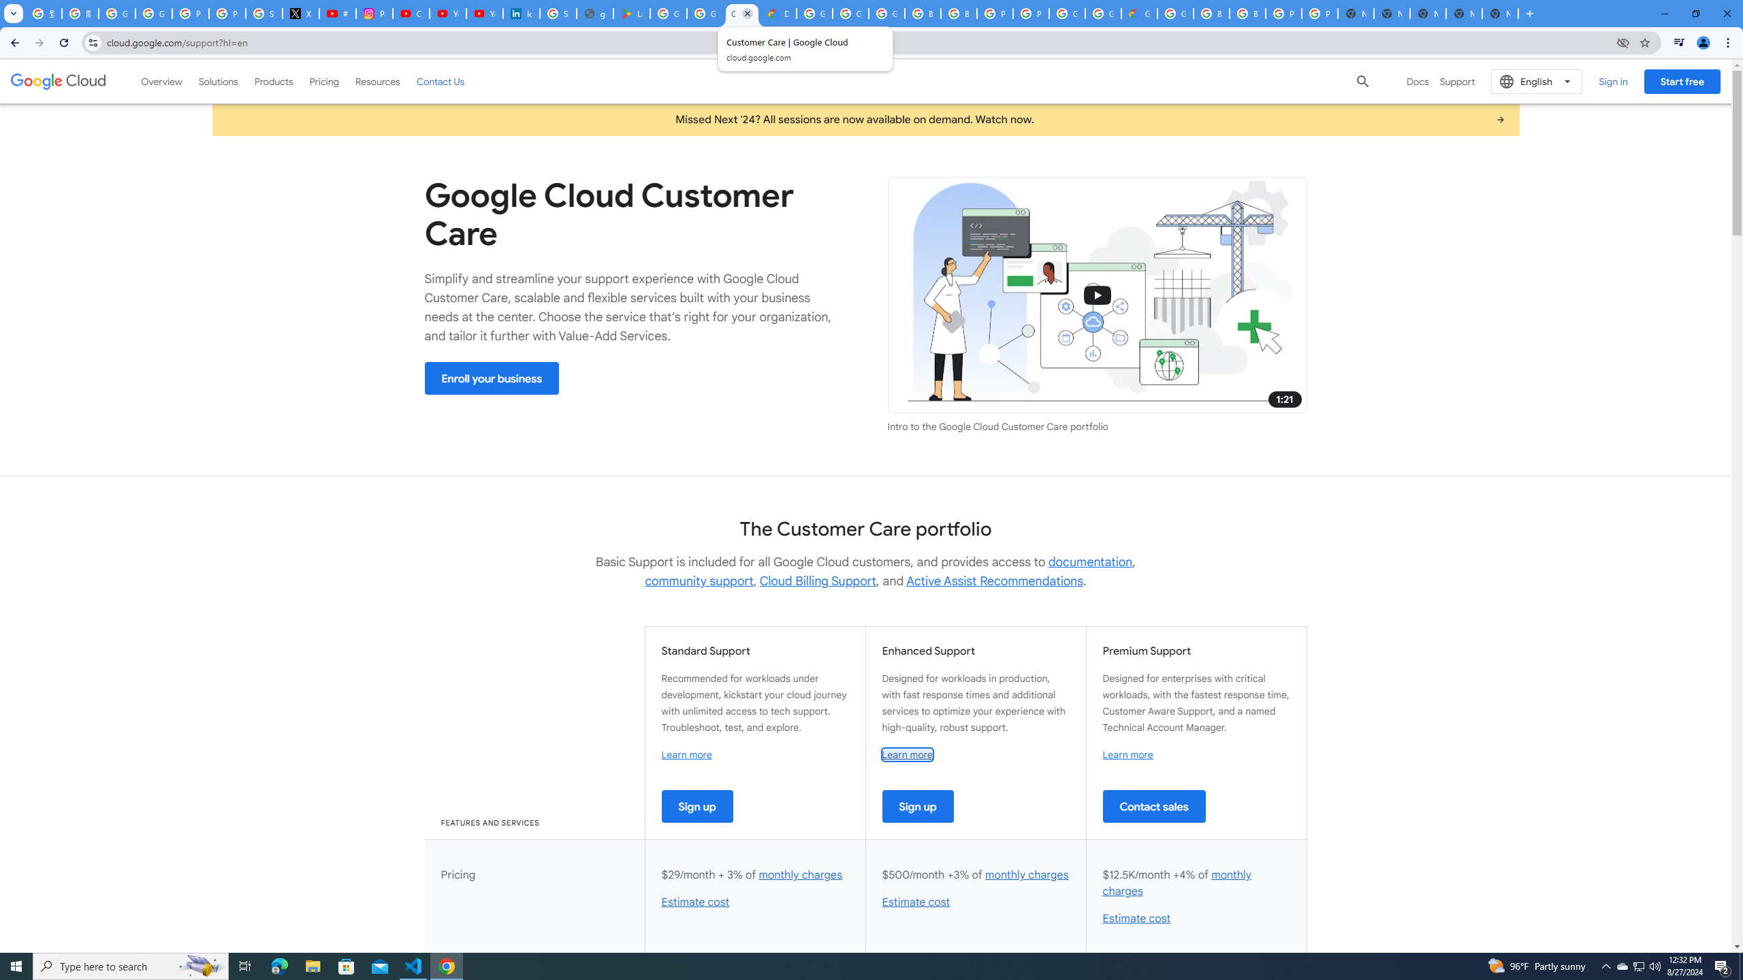 The height and width of the screenshot is (980, 1743). I want to click on 'Estimate cost', so click(1136, 918).